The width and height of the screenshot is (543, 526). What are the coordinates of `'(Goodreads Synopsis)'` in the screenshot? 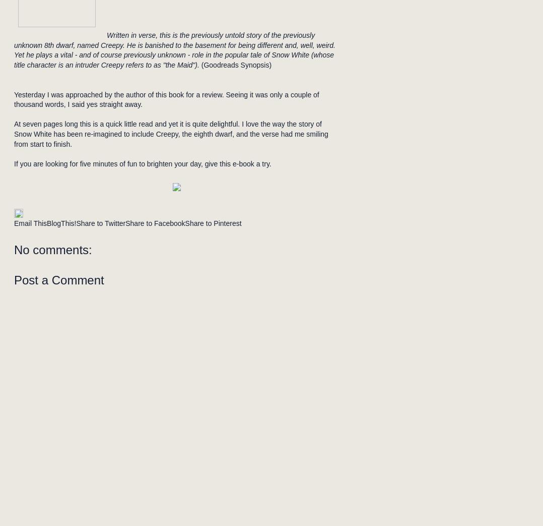 It's located at (234, 64).